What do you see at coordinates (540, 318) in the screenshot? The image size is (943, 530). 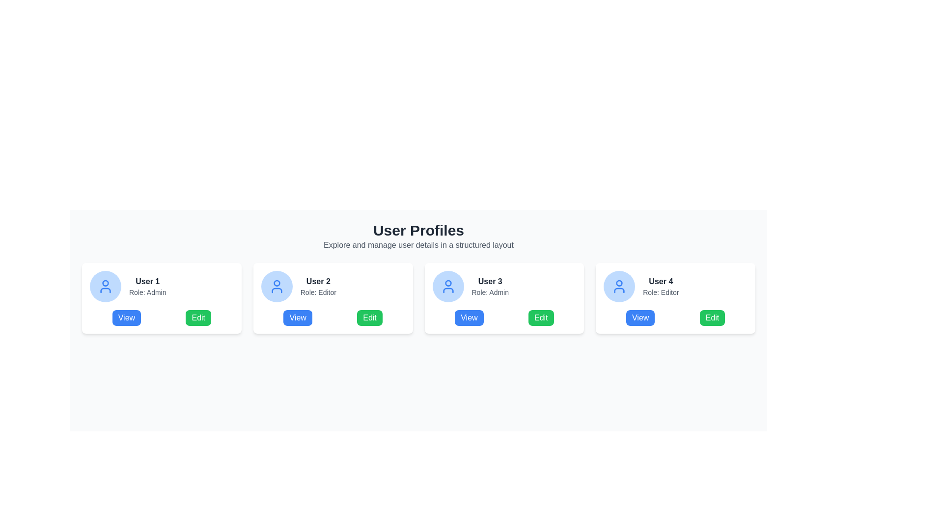 I see `the green 'Edit' button with white text located at the bottom right of the 'User 3' card` at bounding box center [540, 318].